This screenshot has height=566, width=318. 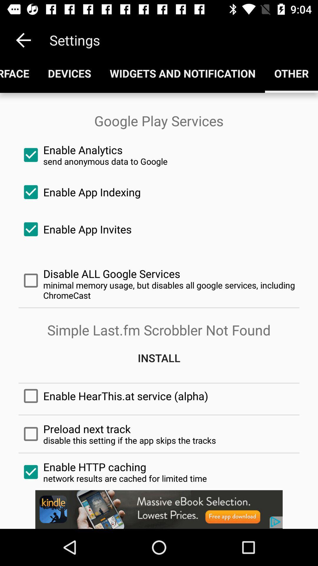 What do you see at coordinates (159, 509) in the screenshot?
I see `advertisement` at bounding box center [159, 509].